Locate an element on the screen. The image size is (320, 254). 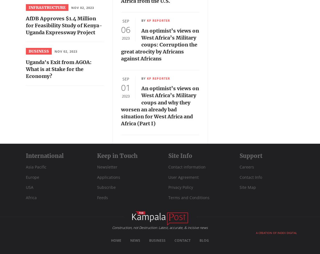
'An optimist’s views on West Africa’s Military coups and why they worsen an already bad situation for West Africa and Africa (Part I)' is located at coordinates (160, 106).